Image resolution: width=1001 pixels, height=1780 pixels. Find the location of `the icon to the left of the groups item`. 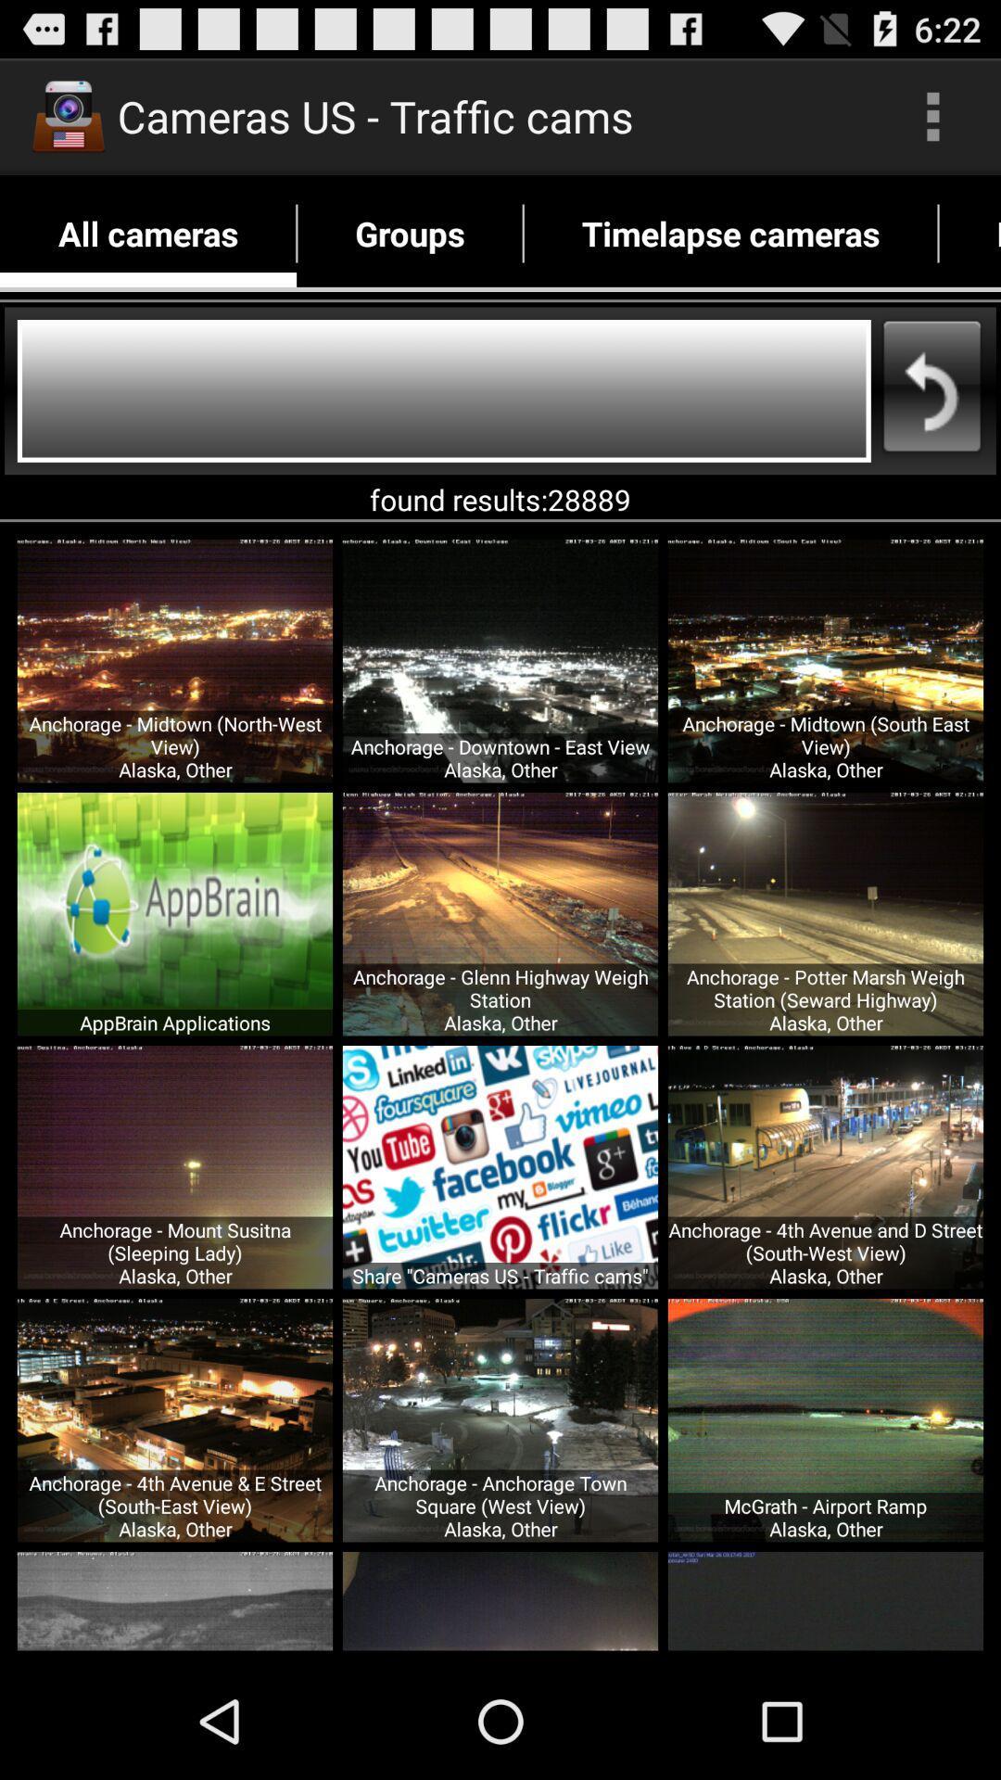

the icon to the left of the groups item is located at coordinates (147, 233).